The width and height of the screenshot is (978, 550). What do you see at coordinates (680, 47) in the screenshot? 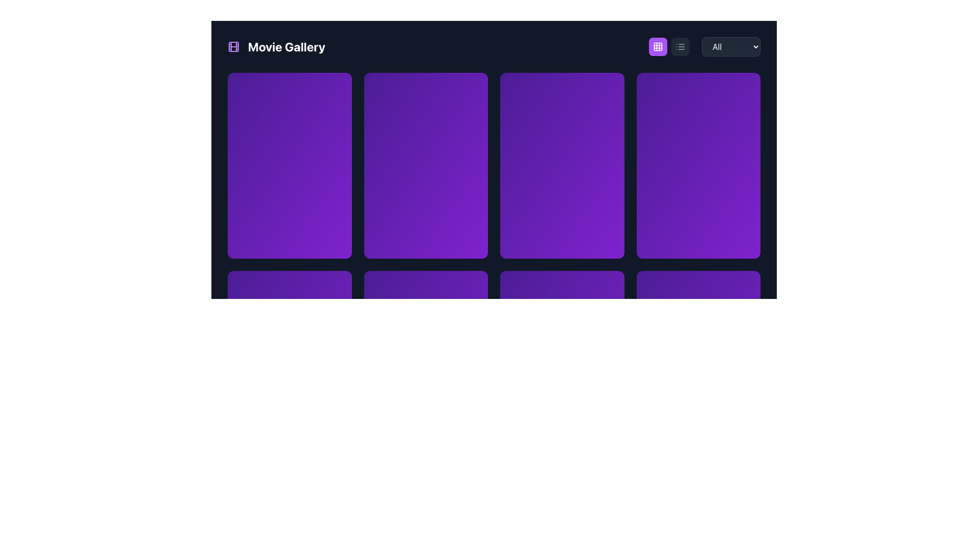
I see `the toggle icon button for switching to a list view layout` at bounding box center [680, 47].